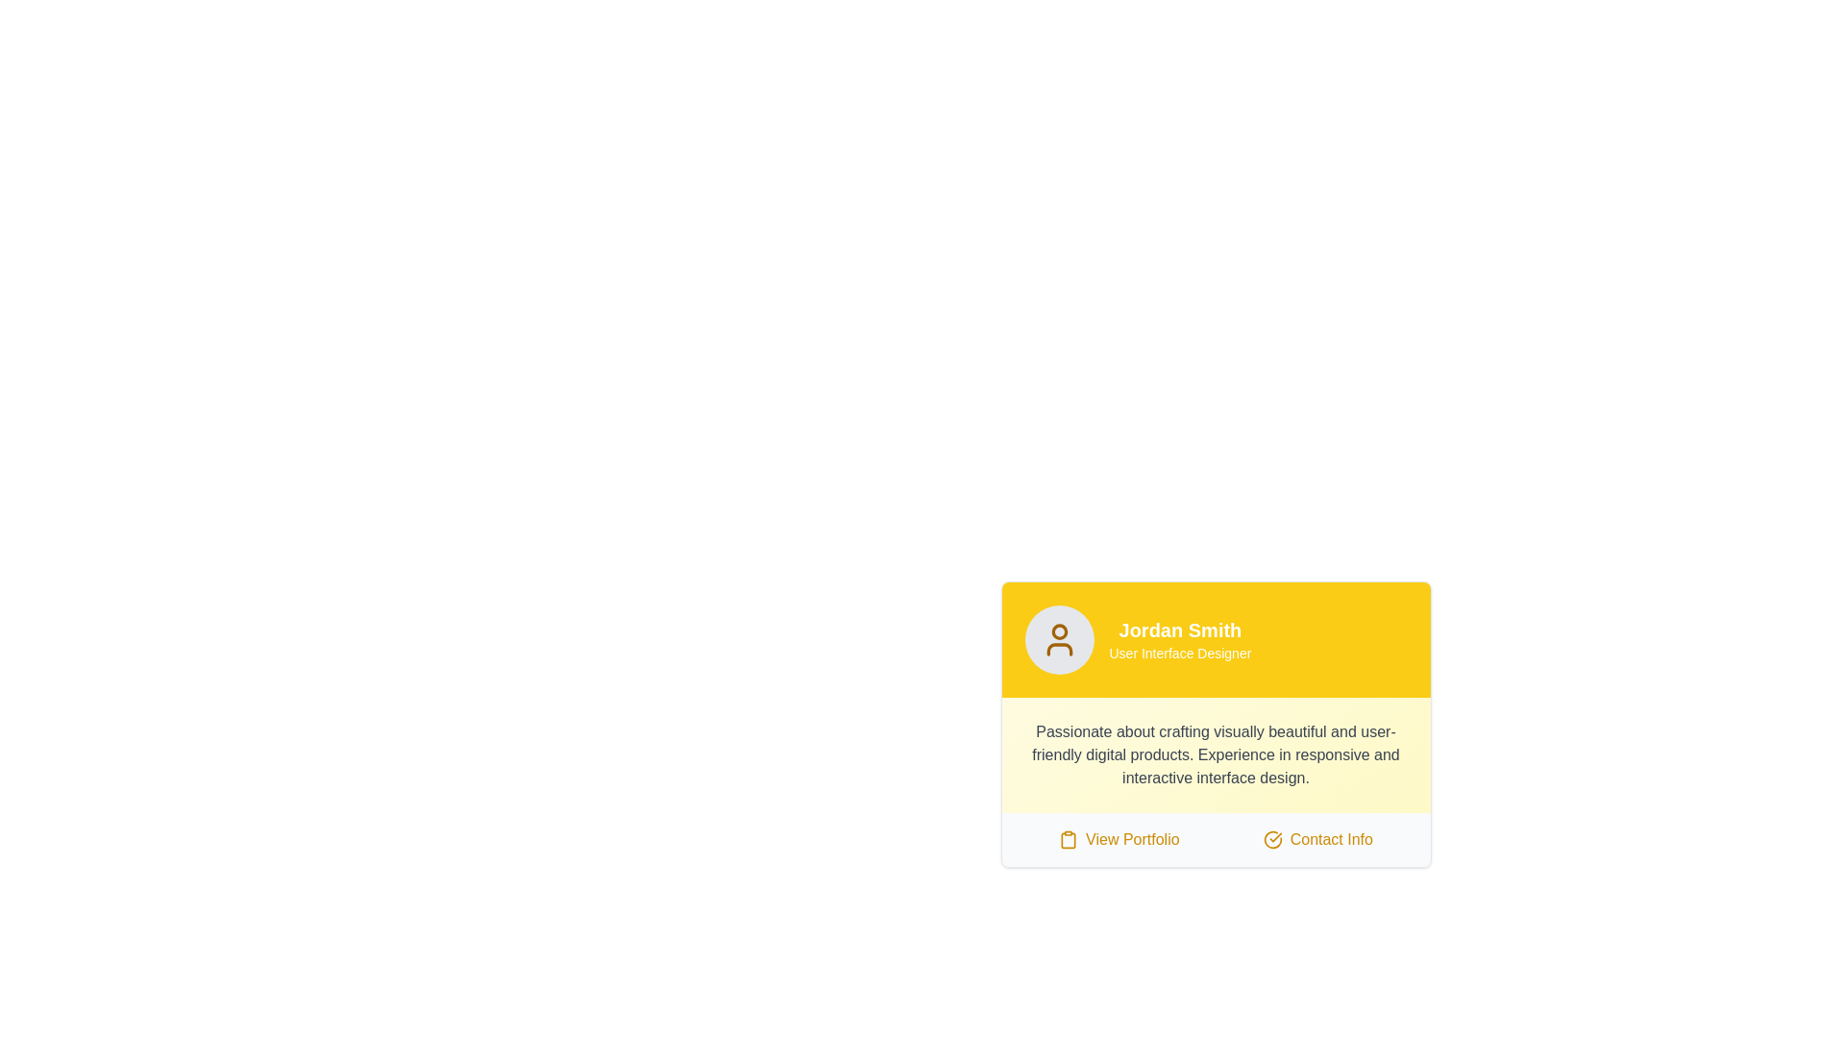 The image size is (1845, 1038). Describe the element at coordinates (1179, 652) in the screenshot. I see `the non-interactive text label indicating the professional title 'User Interface Designer', located beneath 'Jordan Smith' in the profile information section` at that location.